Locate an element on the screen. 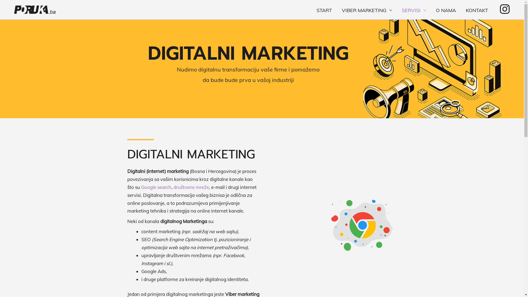 This screenshot has width=528, height=297. 'p_main_net' is located at coordinates (361, 224).